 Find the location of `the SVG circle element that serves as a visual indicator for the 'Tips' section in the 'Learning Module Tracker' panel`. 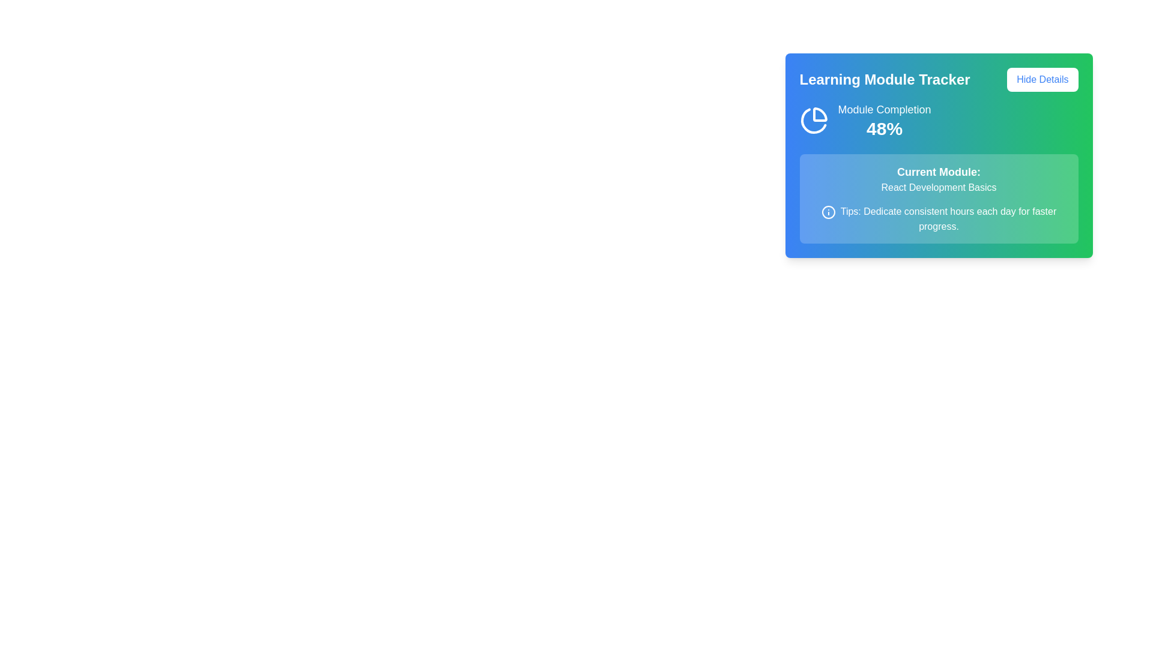

the SVG circle element that serves as a visual indicator for the 'Tips' section in the 'Learning Module Tracker' panel is located at coordinates (828, 211).